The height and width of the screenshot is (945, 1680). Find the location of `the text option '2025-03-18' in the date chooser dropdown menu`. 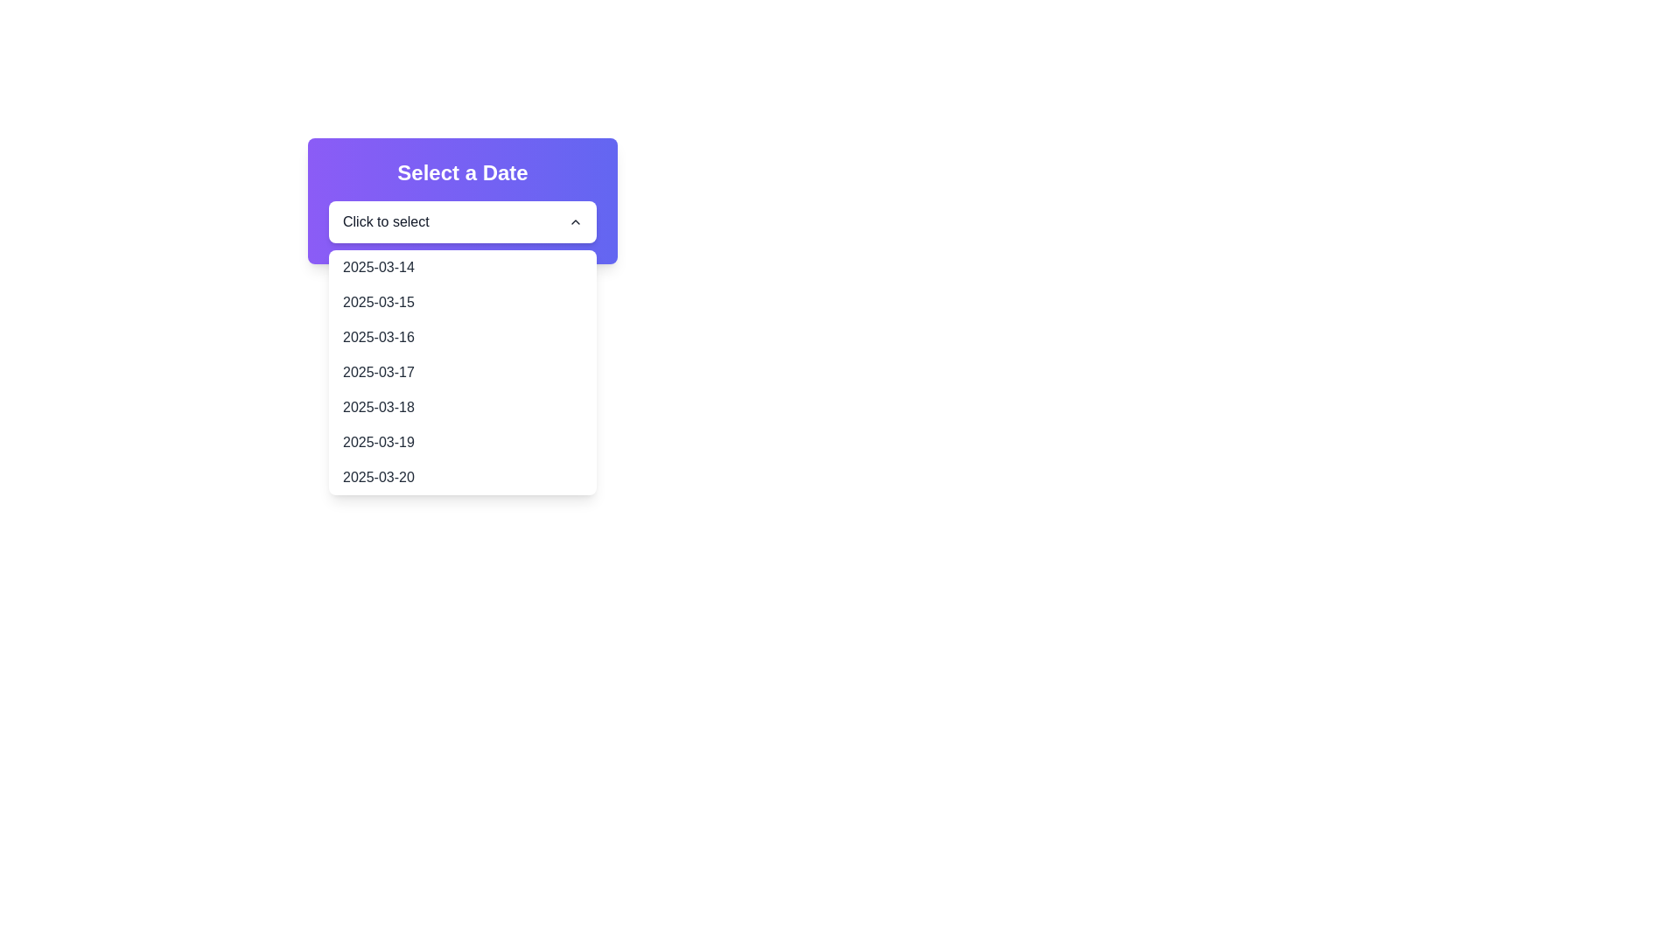

the text option '2025-03-18' in the date chooser dropdown menu is located at coordinates (377, 408).